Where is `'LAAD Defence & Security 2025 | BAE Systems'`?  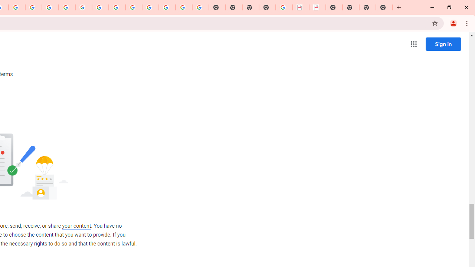 'LAAD Defence & Security 2025 | BAE Systems' is located at coordinates (301, 7).